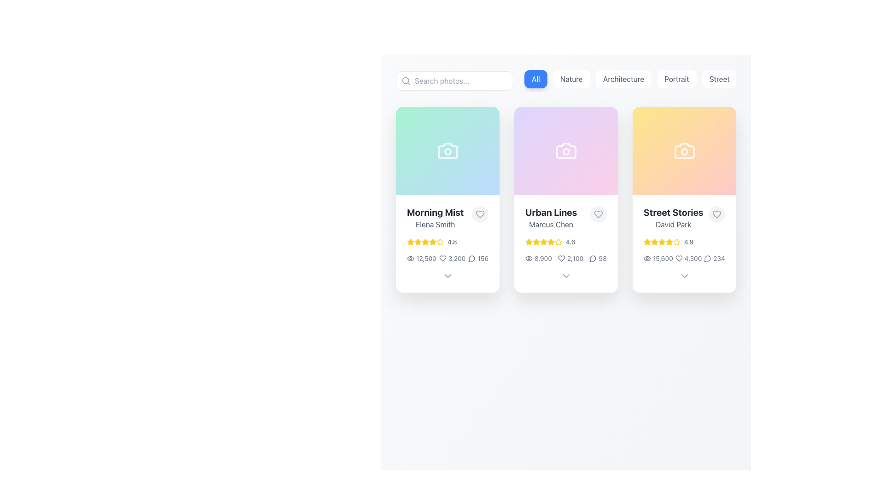 Image resolution: width=884 pixels, height=497 pixels. I want to click on the 'Portrait' filter button, which is the fourth button in a horizontal sequence of buttons, positioned between the 'Architecture' and 'Street' buttons, so click(676, 79).